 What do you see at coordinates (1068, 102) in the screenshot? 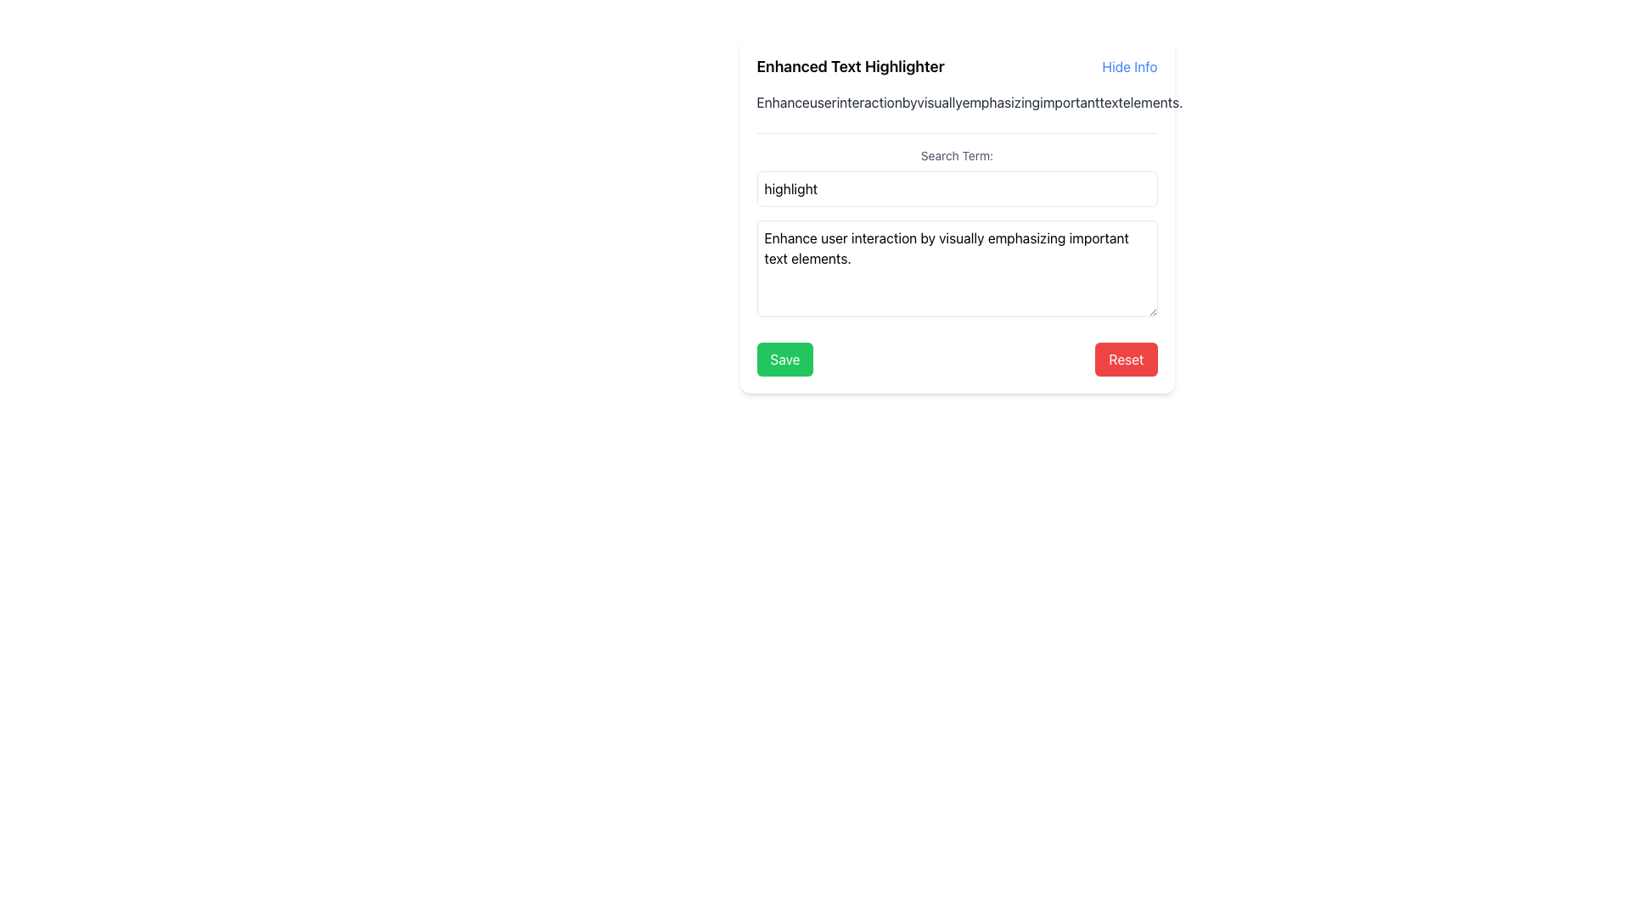
I see `the text label that visually emphasizes the word 'important' in the sentence at the top of the interface` at bounding box center [1068, 102].